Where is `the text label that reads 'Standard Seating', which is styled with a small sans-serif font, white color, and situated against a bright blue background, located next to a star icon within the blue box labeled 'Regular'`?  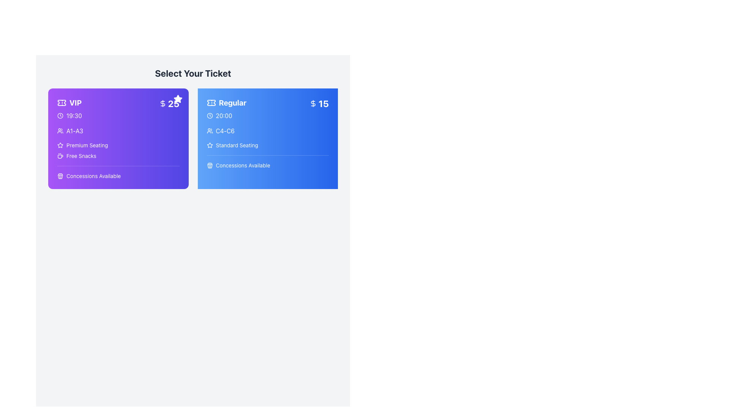
the text label that reads 'Standard Seating', which is styled with a small sans-serif font, white color, and situated against a bright blue background, located next to a star icon within the blue box labeled 'Regular' is located at coordinates (237, 145).